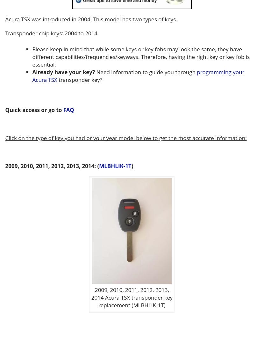 Image resolution: width=264 pixels, height=341 pixels. Describe the element at coordinates (91, 297) in the screenshot. I see `'2009, 2010, 2011, 2012, 2013, 2014 Acura TSX transponder key replacement (MLBHLIK-1T)'` at that location.